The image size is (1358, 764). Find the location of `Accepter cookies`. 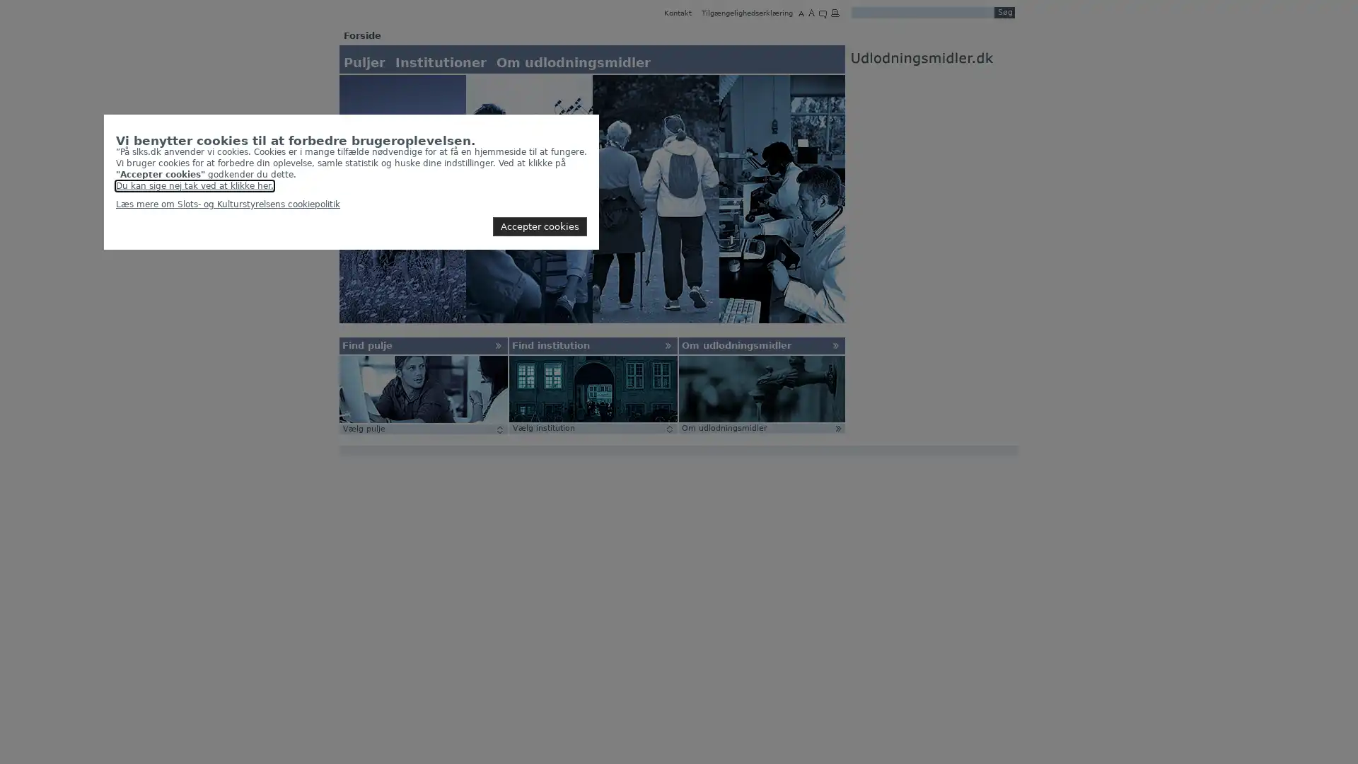

Accepter cookies is located at coordinates (539, 226).